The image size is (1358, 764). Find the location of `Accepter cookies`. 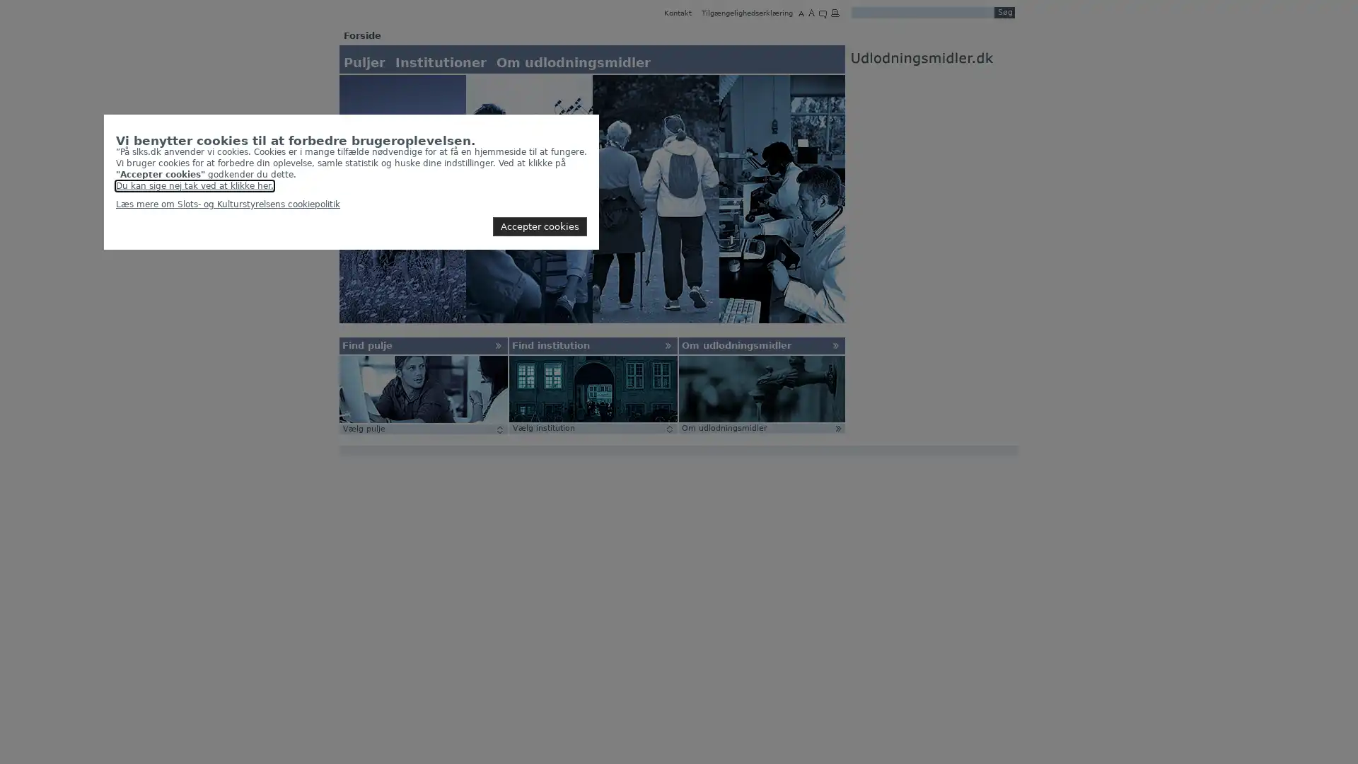

Accepter cookies is located at coordinates (539, 226).